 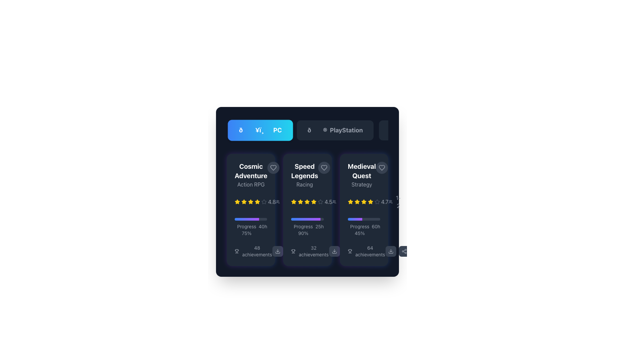 What do you see at coordinates (364, 251) in the screenshot?
I see `the static text element displaying '64 achievements' with a trophy icon, located at the bottom section of the card for the game 'Medieval Quest'` at bounding box center [364, 251].